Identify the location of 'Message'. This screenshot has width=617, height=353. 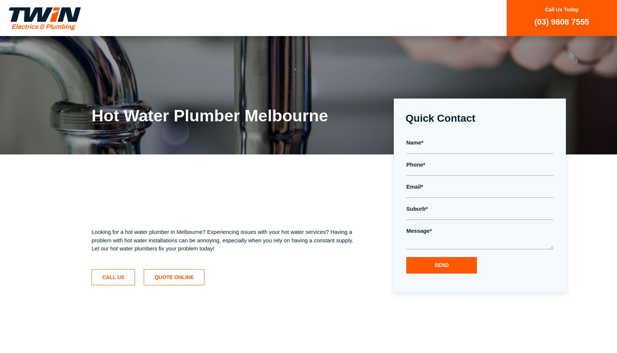
(418, 230).